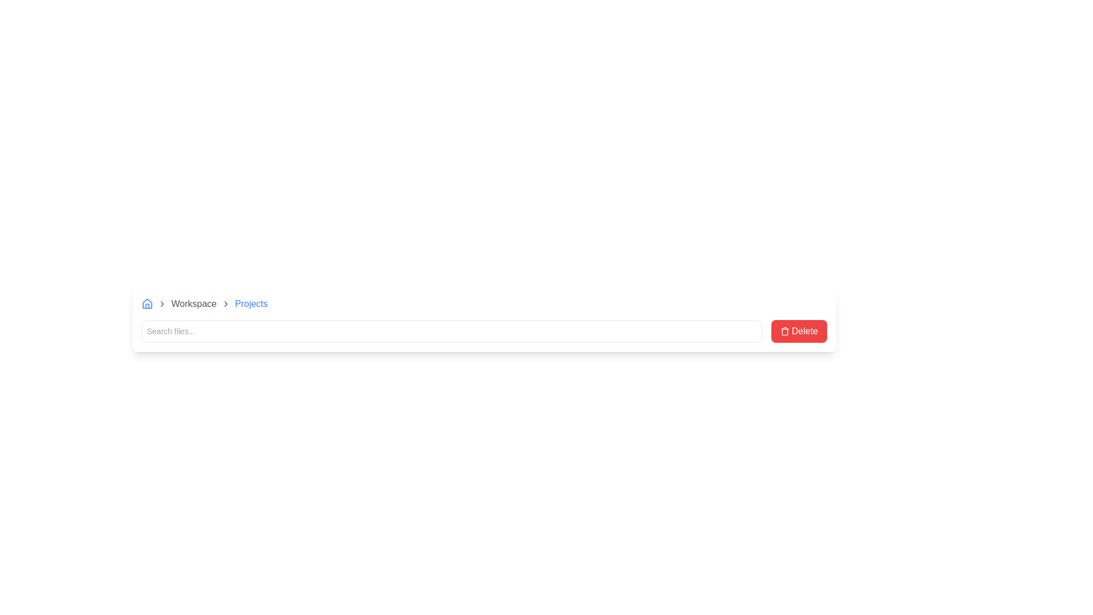  I want to click on the delete button located at the far right end of the bar layout, so click(798, 331).